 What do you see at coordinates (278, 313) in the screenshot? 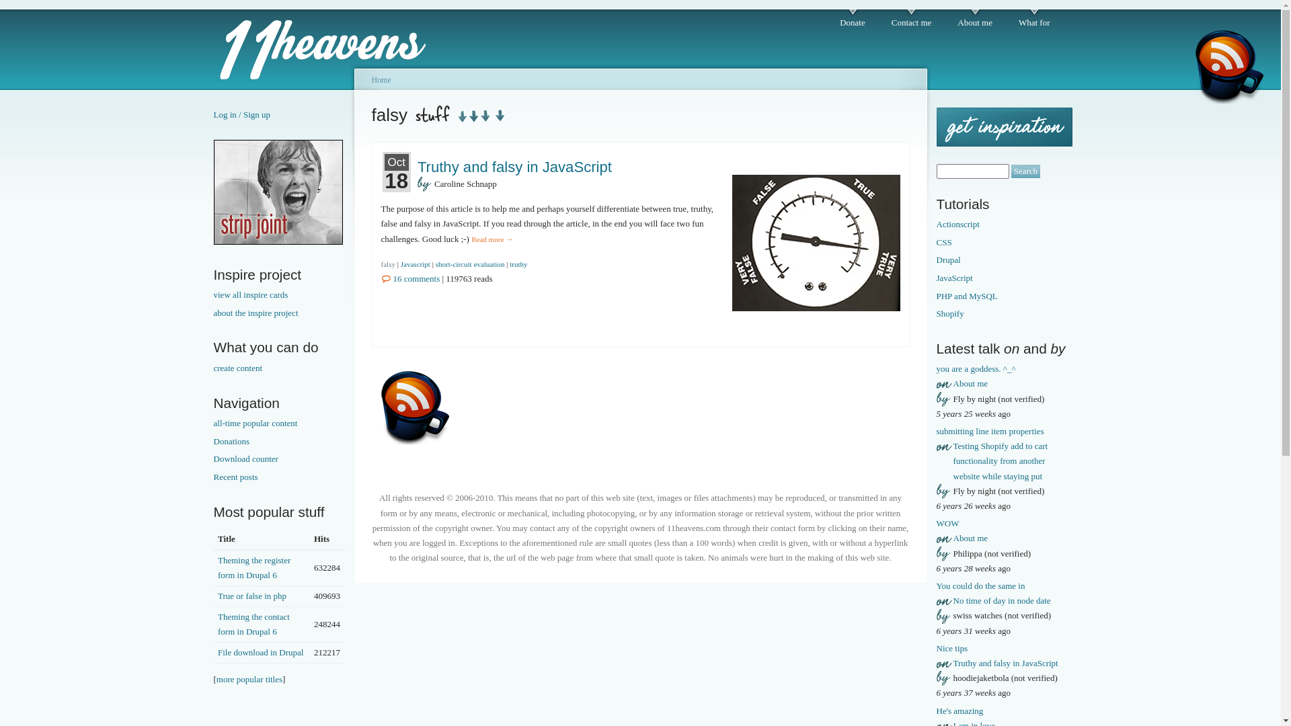
I see `'about the inspire project'` at bounding box center [278, 313].